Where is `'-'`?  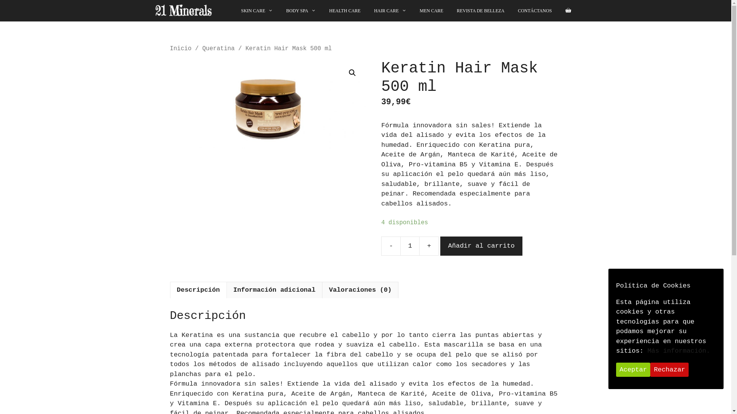
'-' is located at coordinates (390, 246).